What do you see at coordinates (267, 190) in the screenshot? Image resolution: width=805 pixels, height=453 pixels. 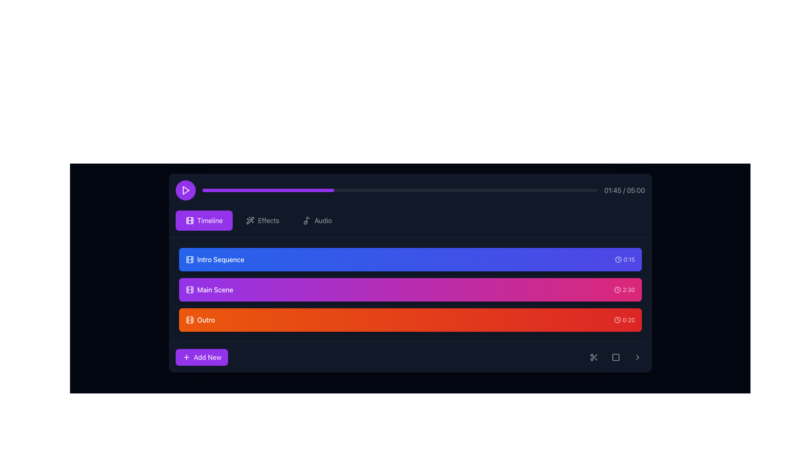 I see `the leftmost segment of the progress bar, which visually represents a portion of progress in a task or timeline, located near the top of the interface` at bounding box center [267, 190].